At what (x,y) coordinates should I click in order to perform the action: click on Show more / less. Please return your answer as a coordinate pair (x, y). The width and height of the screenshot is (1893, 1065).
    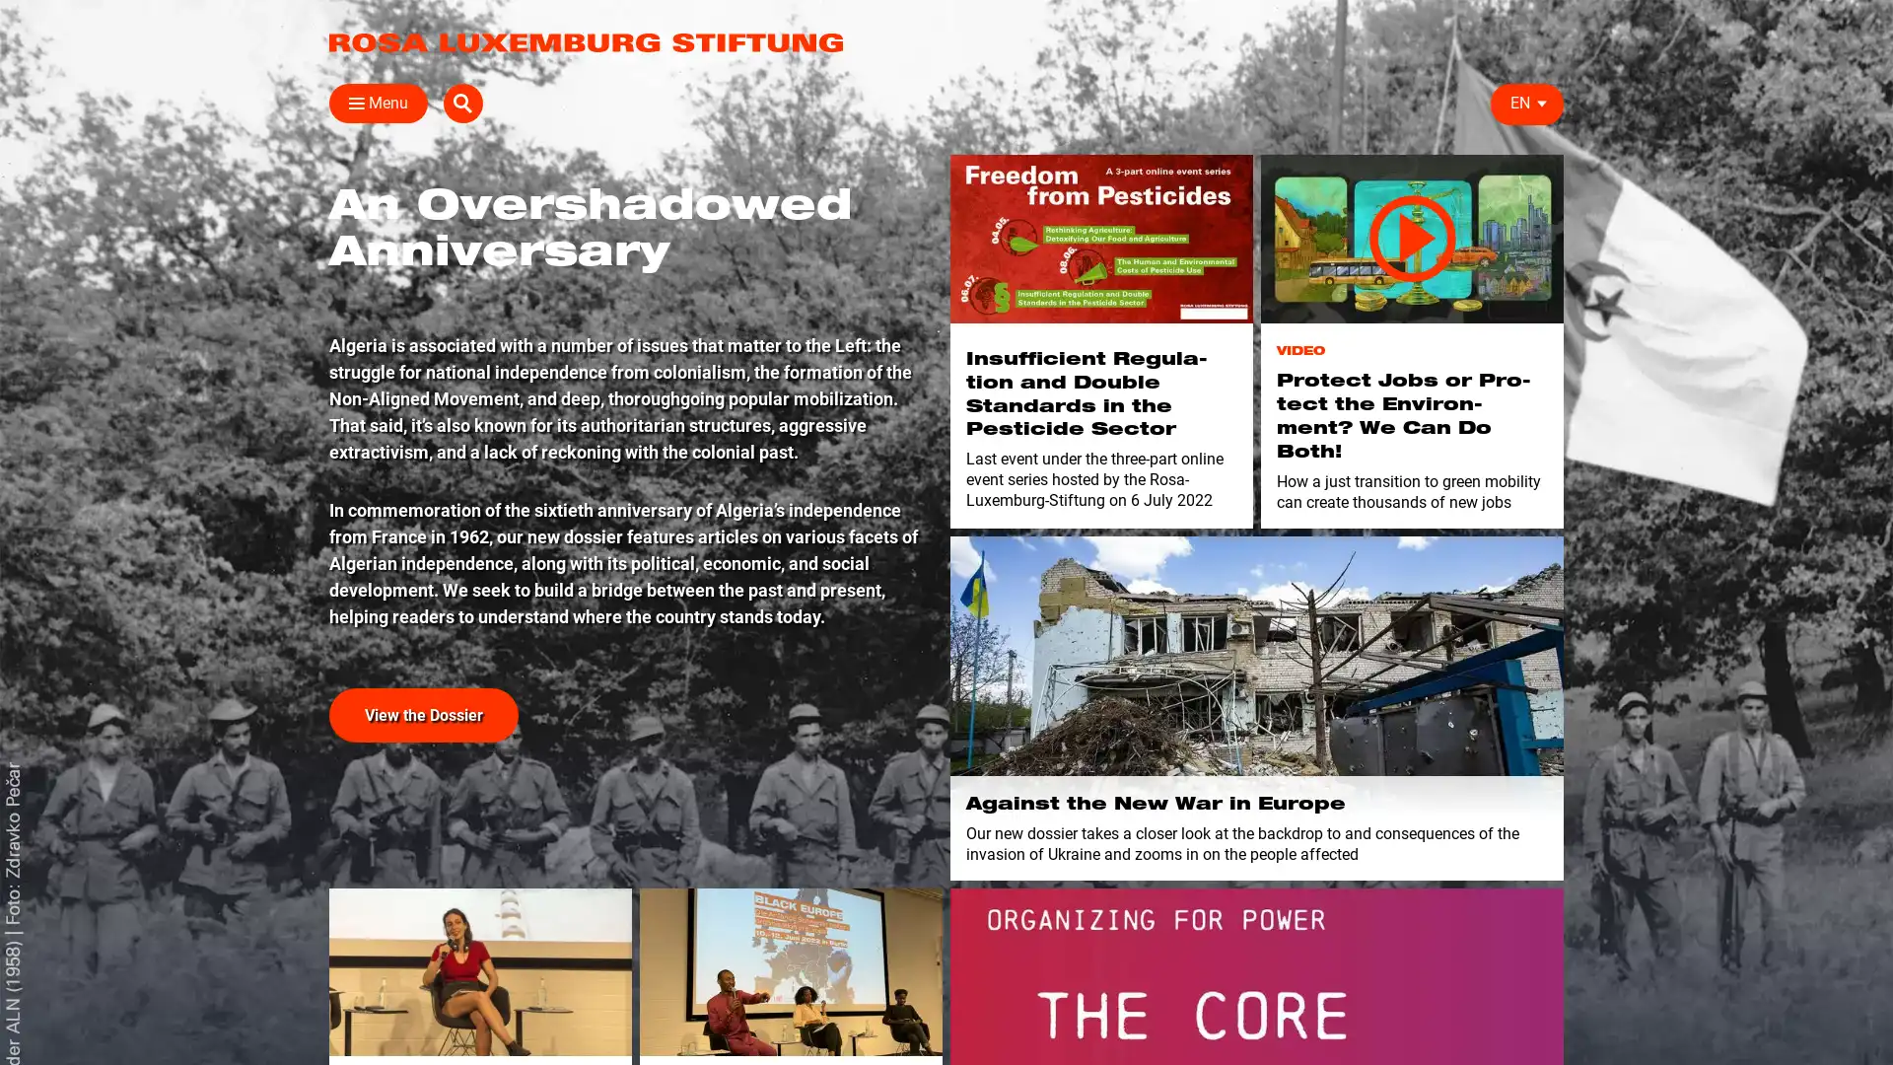
    Looking at the image, I should click on (628, 358).